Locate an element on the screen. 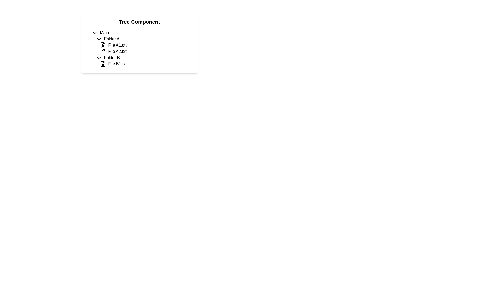 Image resolution: width=500 pixels, height=281 pixels. the downward-facing chevron icon located to the left of 'Folder B' in the tree structure display is located at coordinates (99, 58).